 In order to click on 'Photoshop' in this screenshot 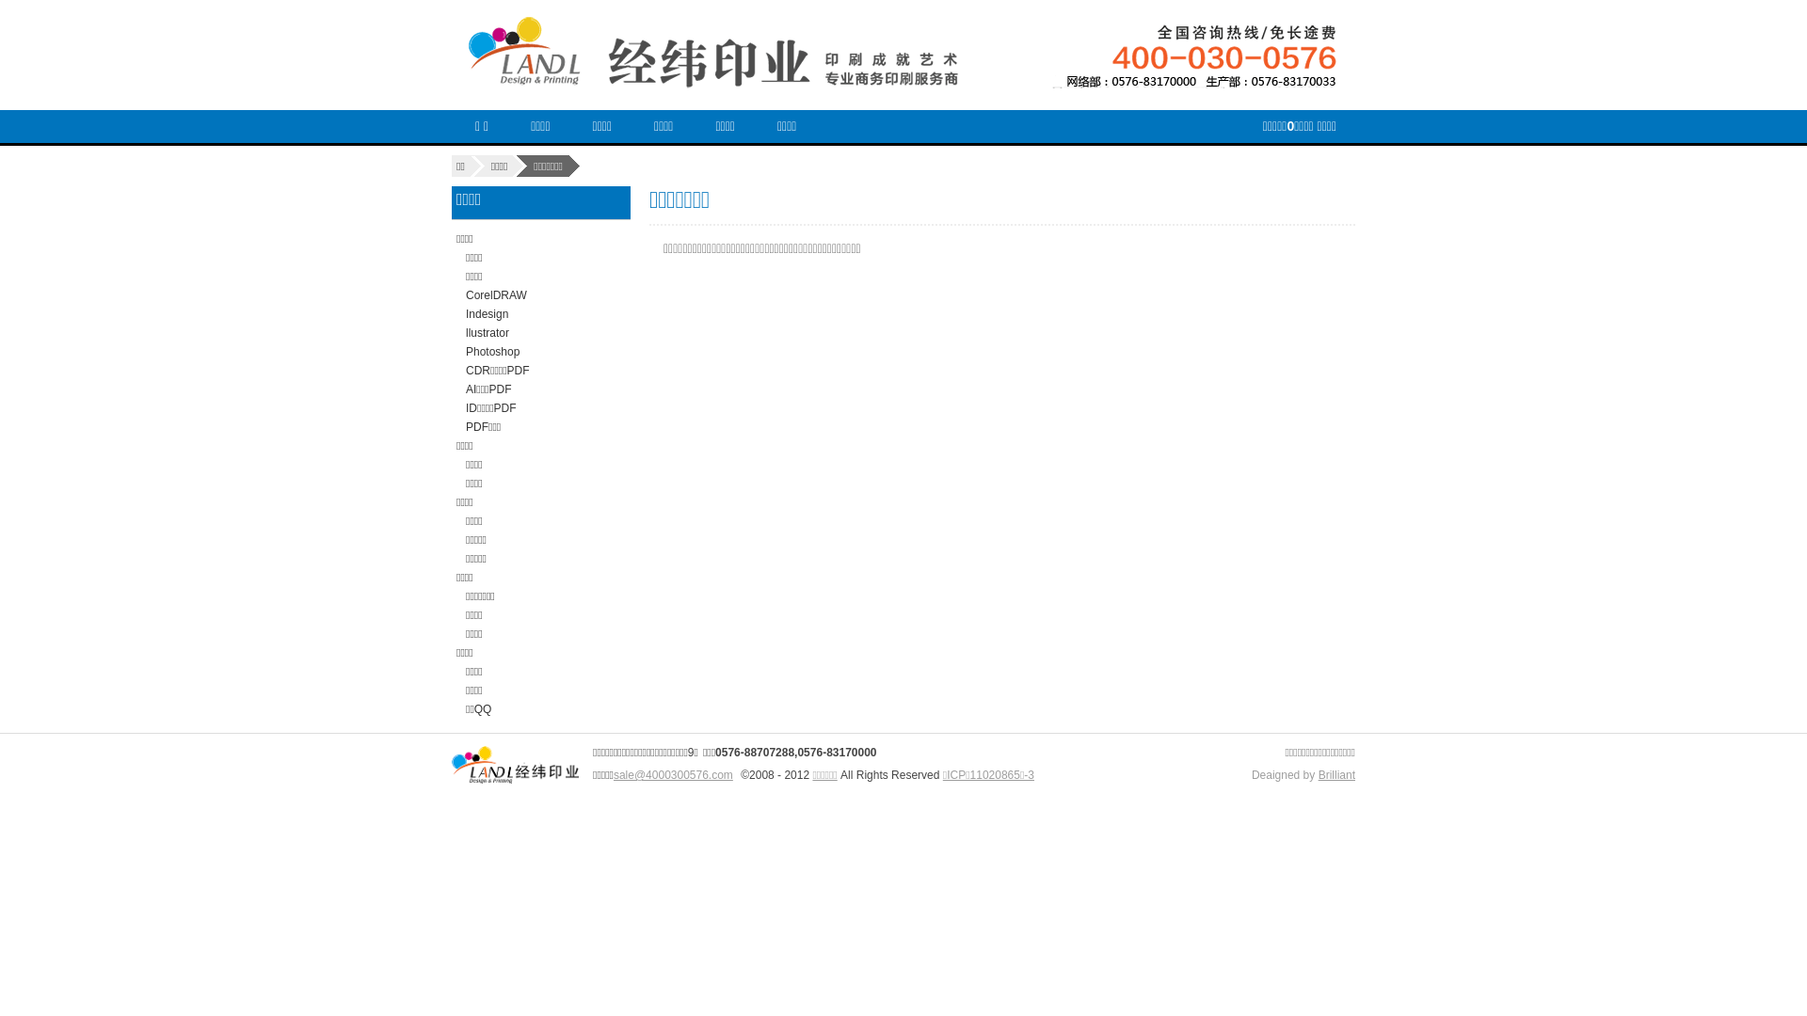, I will do `click(492, 352)`.